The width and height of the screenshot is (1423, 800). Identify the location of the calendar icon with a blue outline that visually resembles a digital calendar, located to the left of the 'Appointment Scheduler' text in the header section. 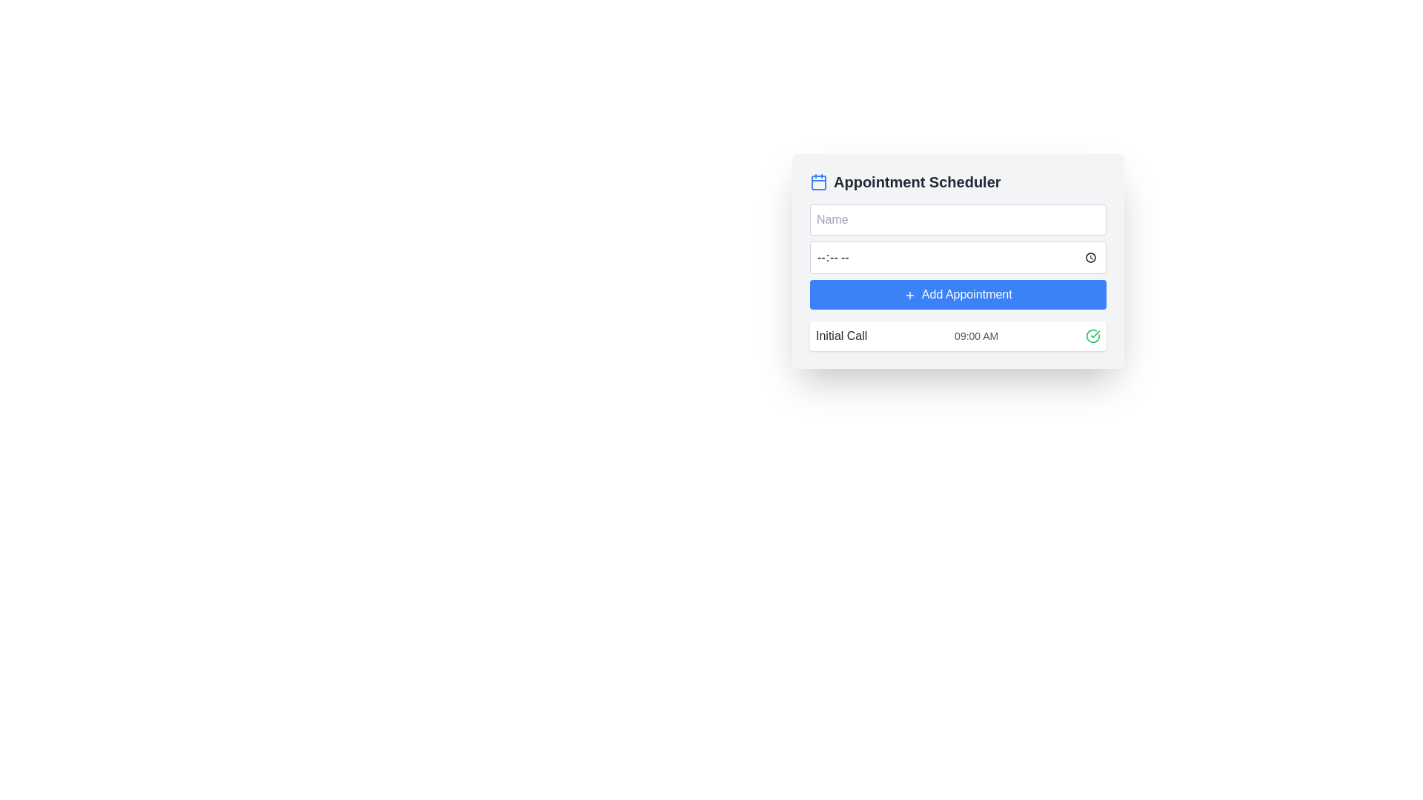
(817, 181).